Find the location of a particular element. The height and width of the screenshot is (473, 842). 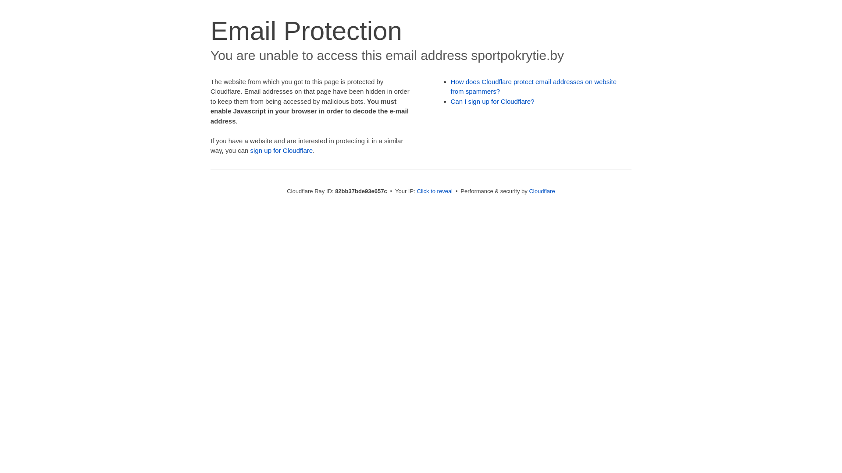

'Click to reveal' is located at coordinates (434, 191).